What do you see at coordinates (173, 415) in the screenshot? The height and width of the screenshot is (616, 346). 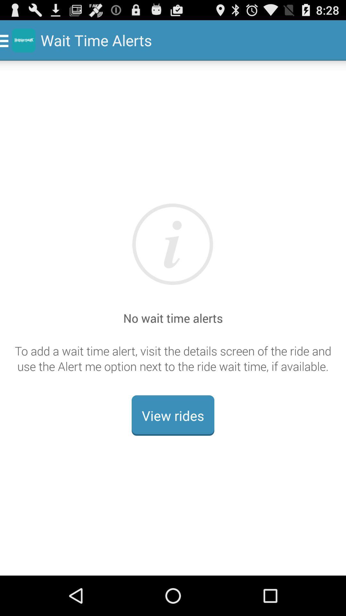 I see `the item below to add a` at bounding box center [173, 415].